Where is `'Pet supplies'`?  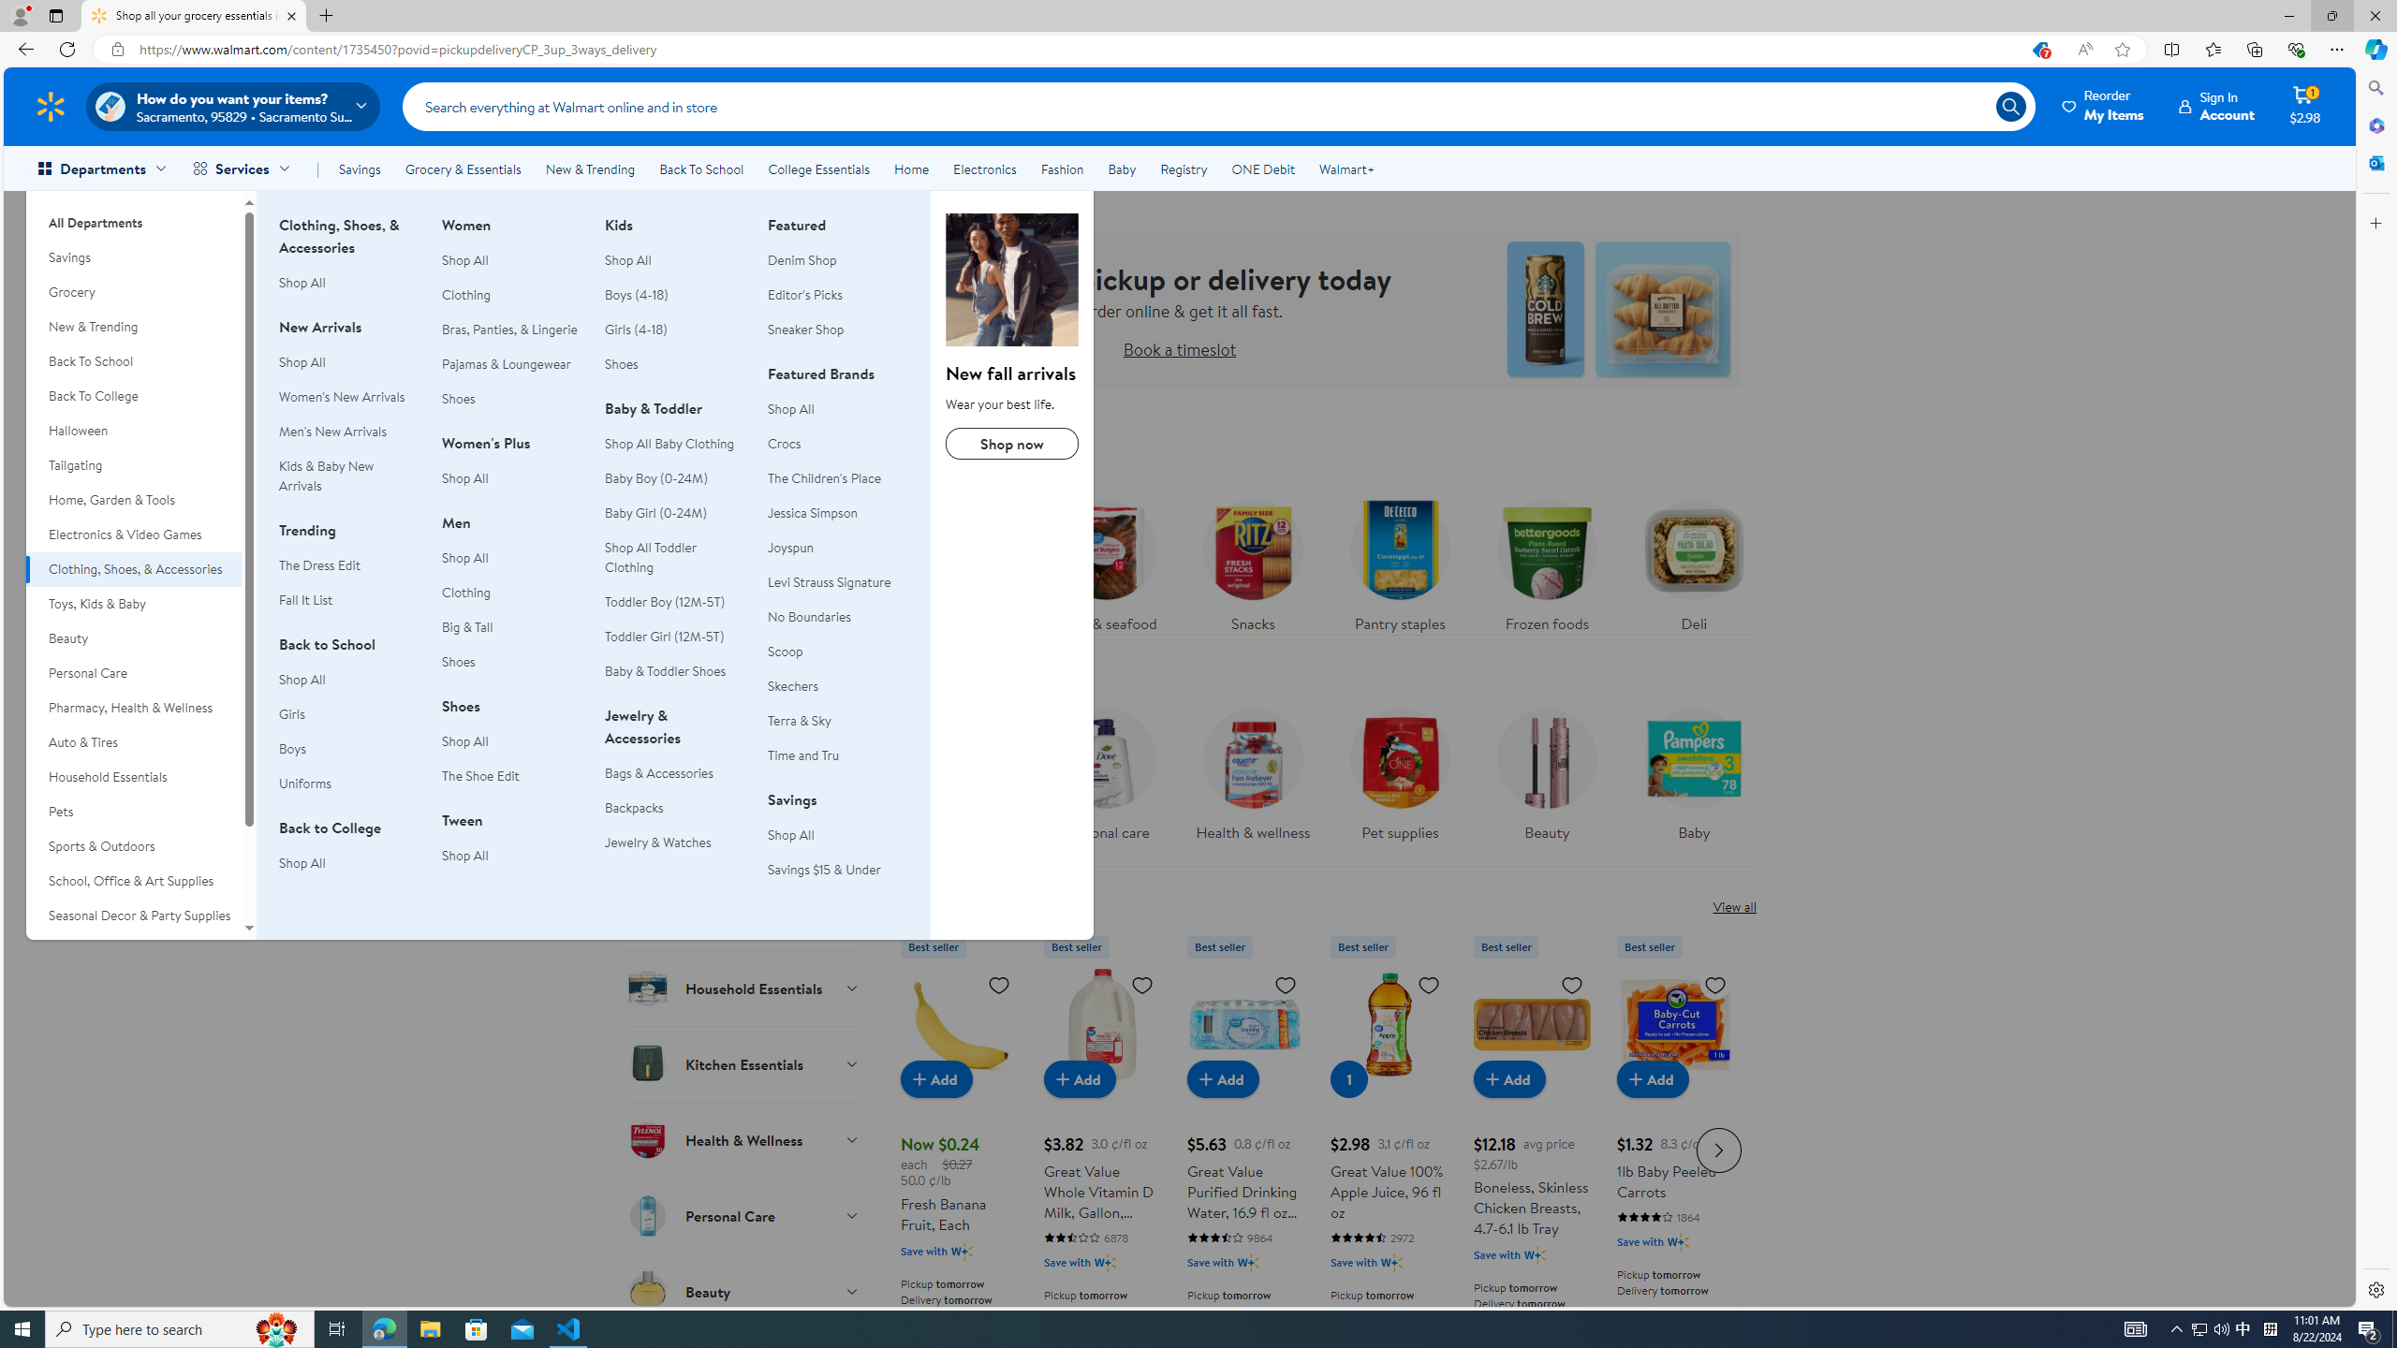 'Pet supplies' is located at coordinates (1400, 769).